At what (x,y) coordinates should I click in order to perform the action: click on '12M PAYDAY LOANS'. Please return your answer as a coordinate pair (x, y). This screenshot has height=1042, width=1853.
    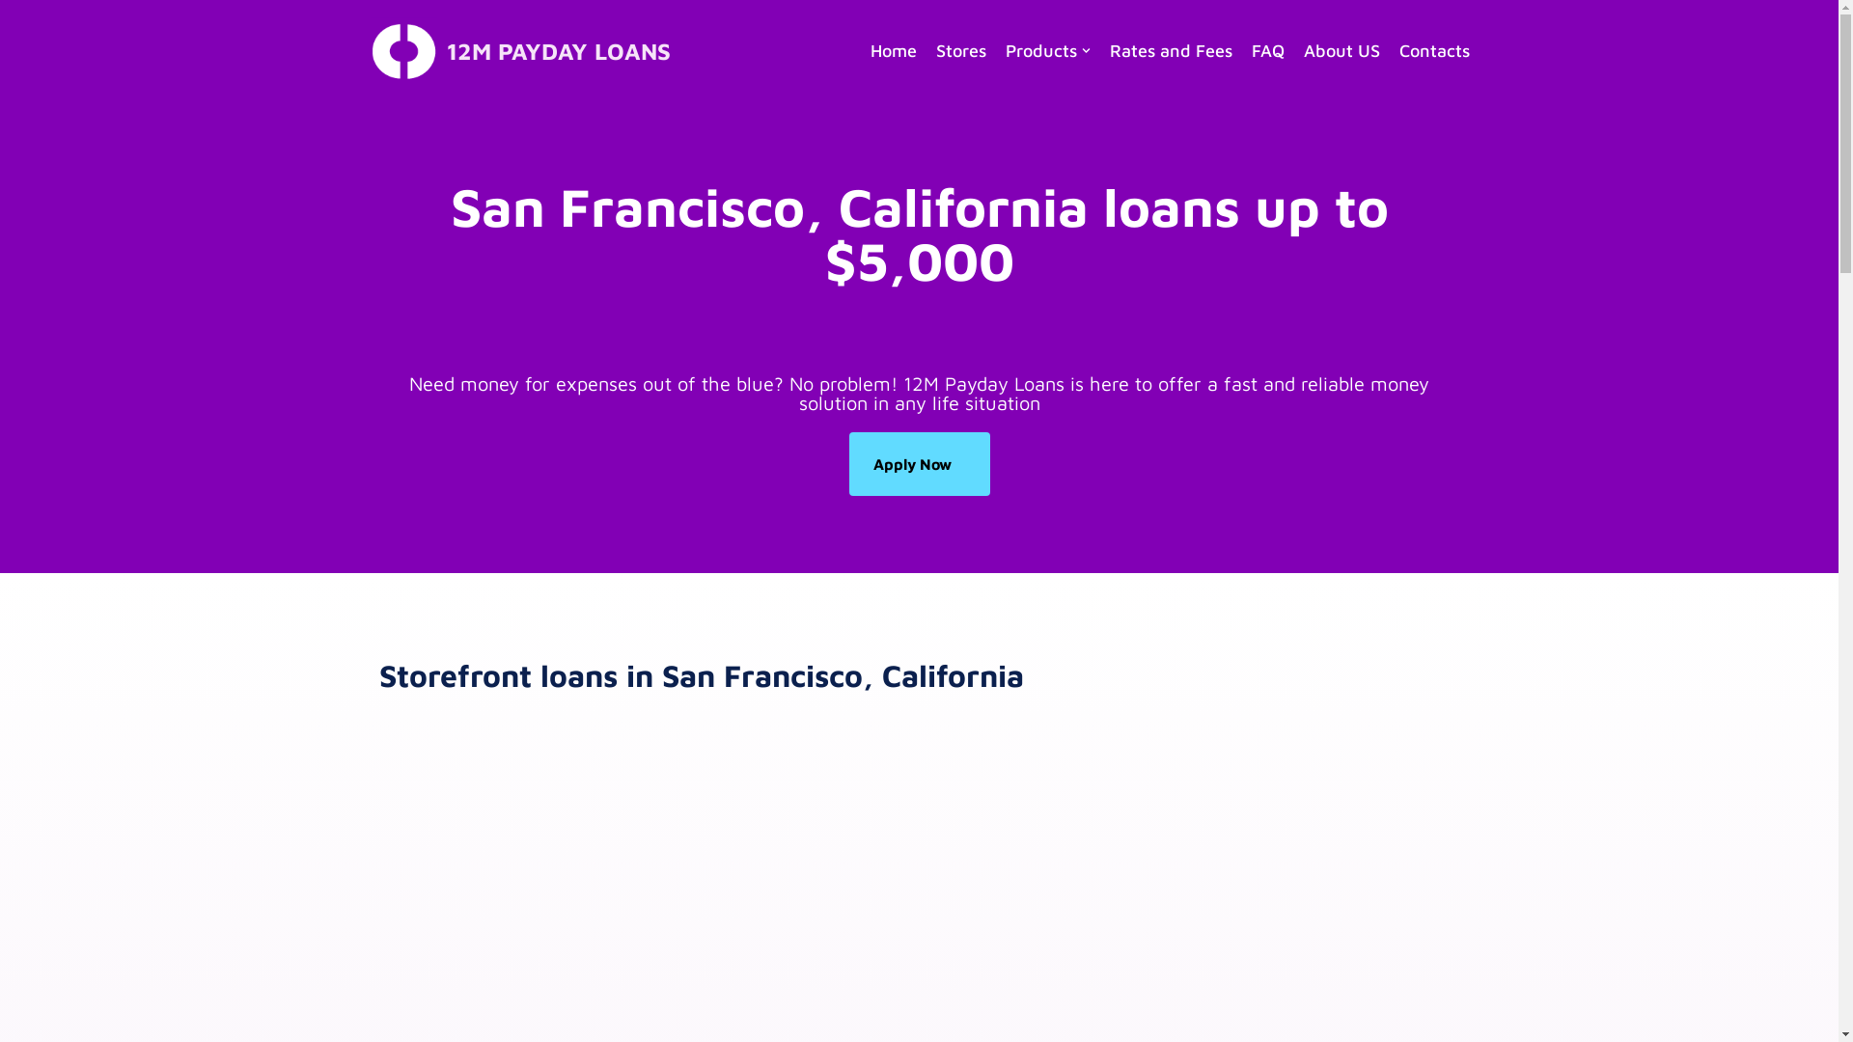
    Looking at the image, I should click on (518, 50).